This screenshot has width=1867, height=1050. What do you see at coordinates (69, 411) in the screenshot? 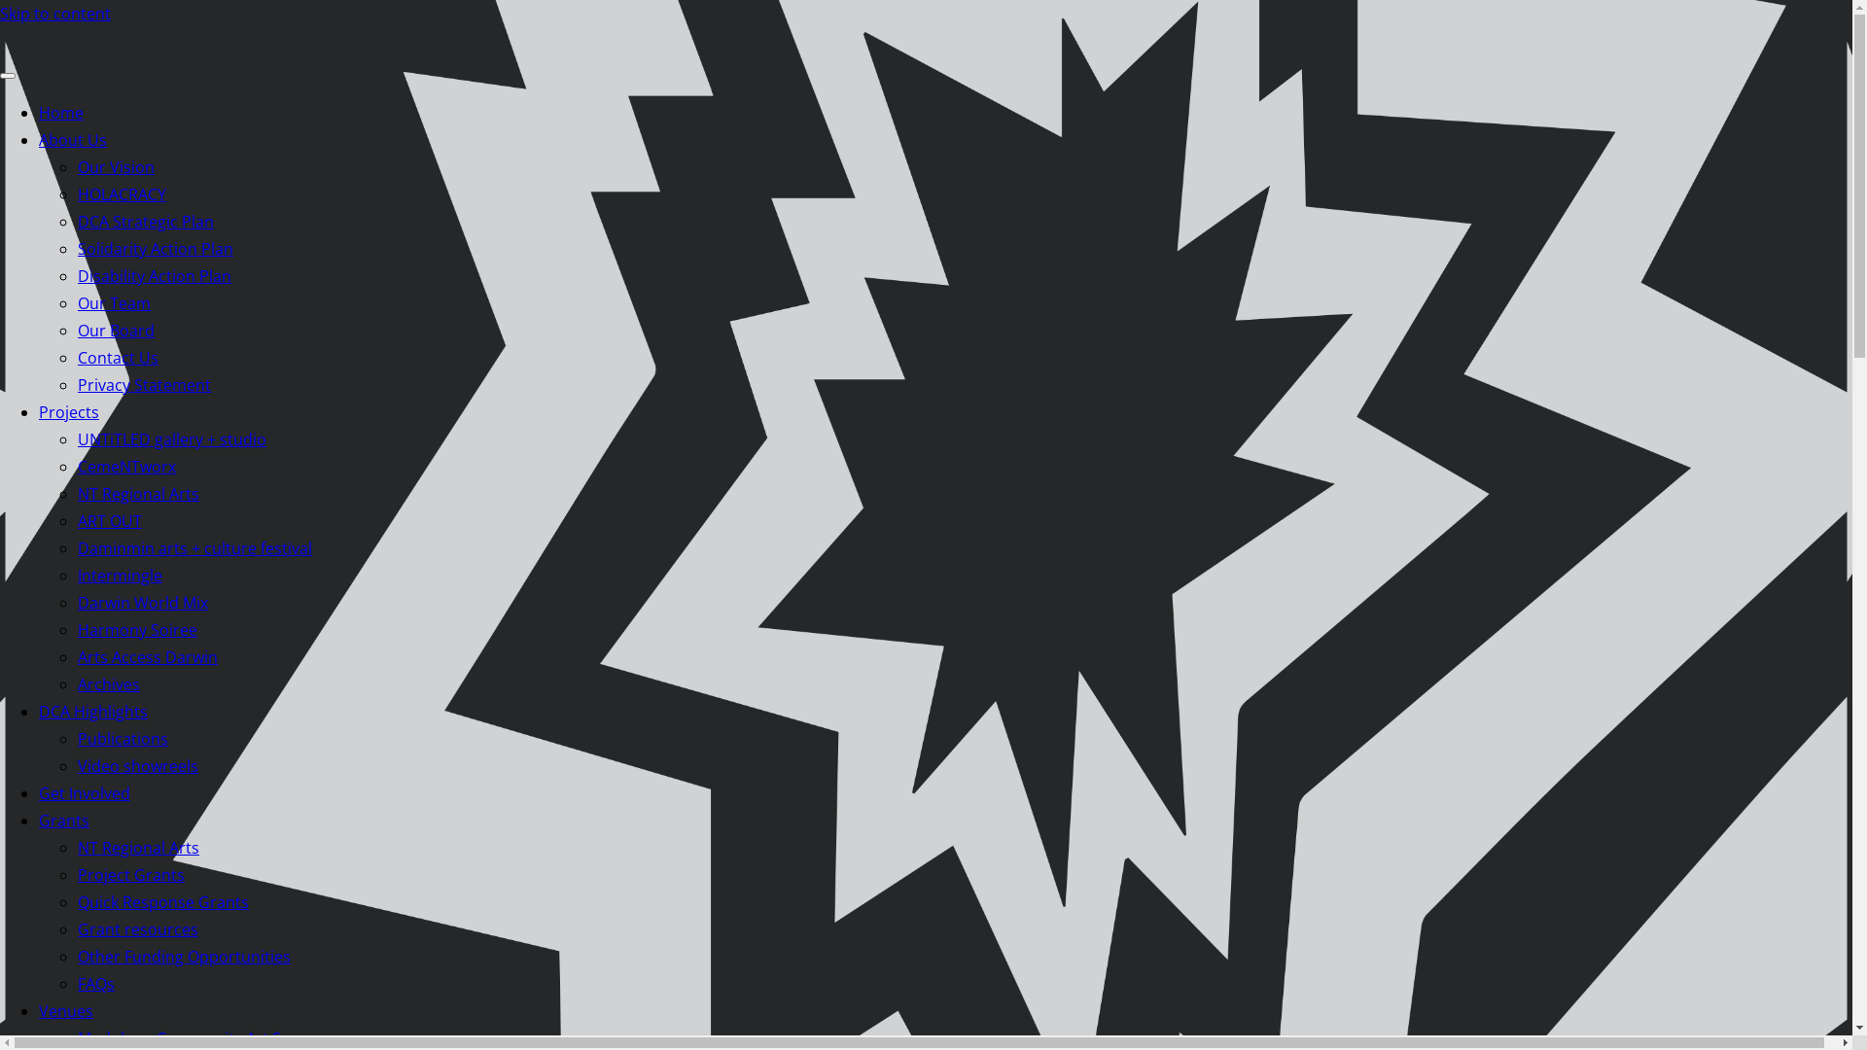
I see `'Projects'` at bounding box center [69, 411].